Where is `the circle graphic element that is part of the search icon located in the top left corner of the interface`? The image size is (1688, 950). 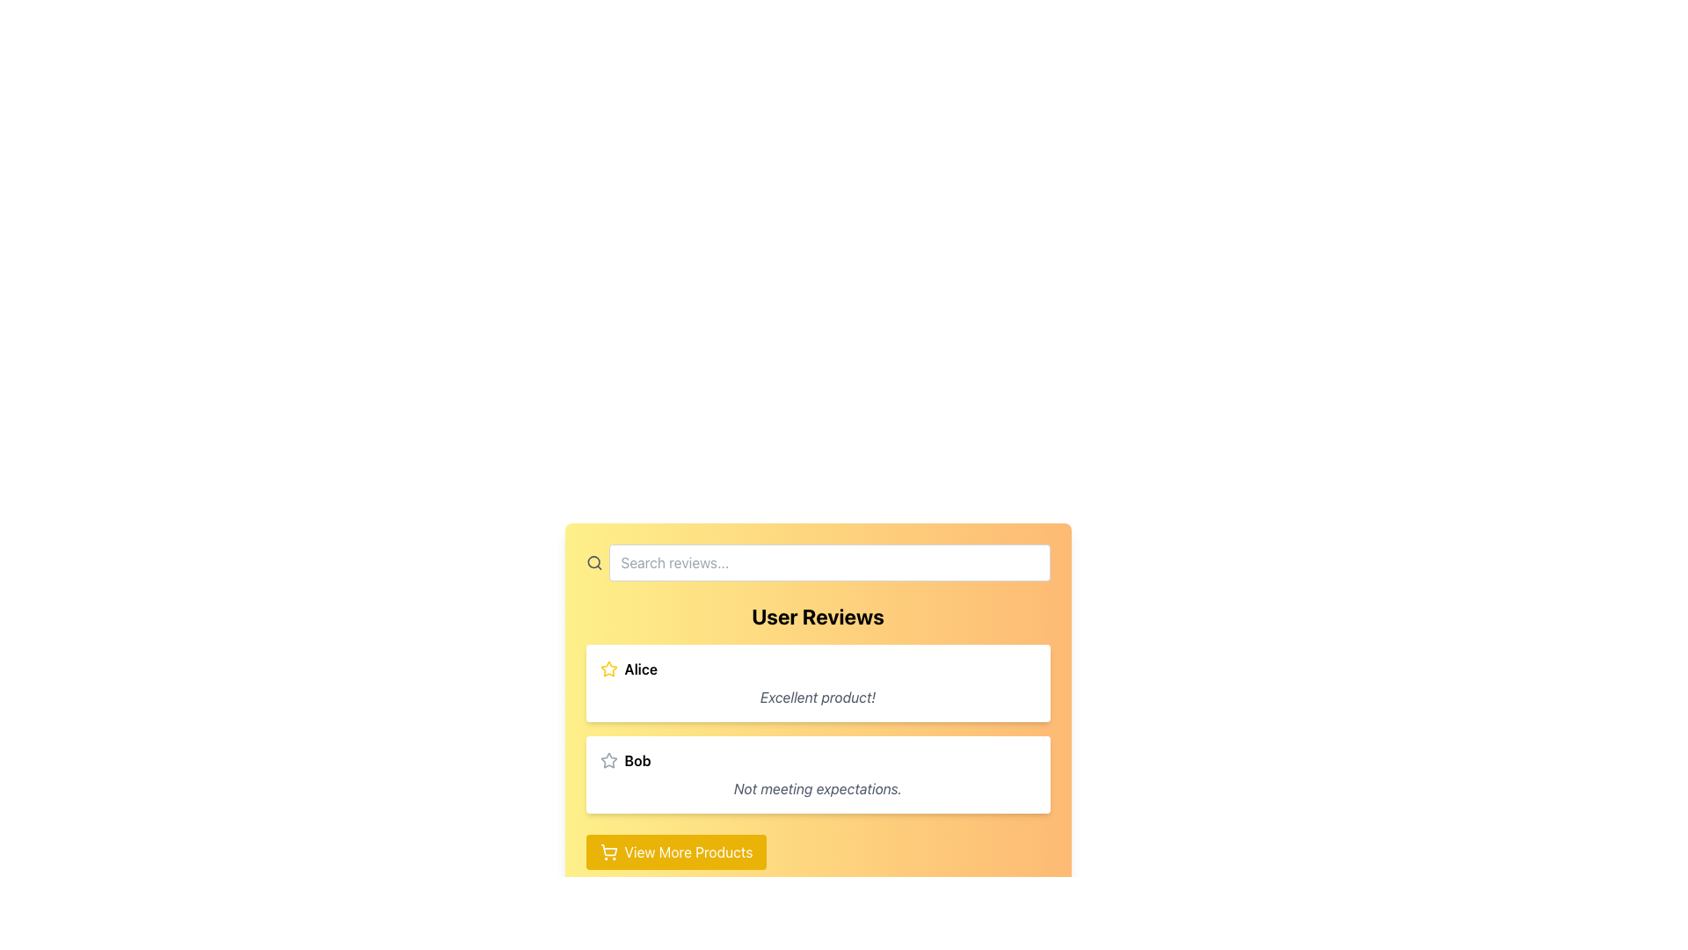 the circle graphic element that is part of the search icon located in the top left corner of the interface is located at coordinates (593, 562).